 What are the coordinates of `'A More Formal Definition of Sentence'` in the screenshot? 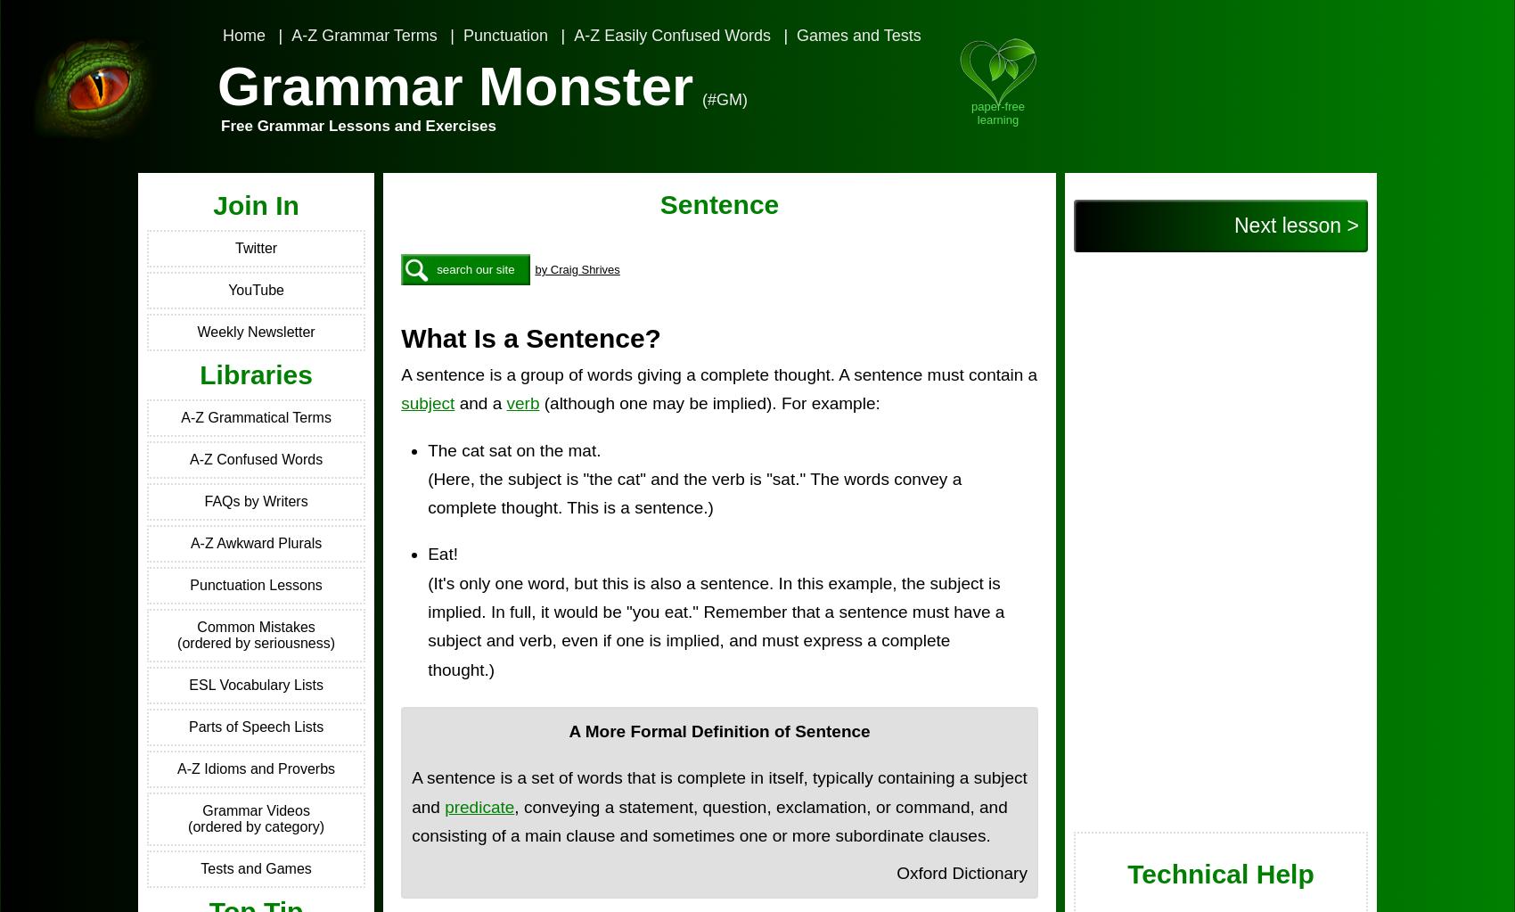 It's located at (717, 730).